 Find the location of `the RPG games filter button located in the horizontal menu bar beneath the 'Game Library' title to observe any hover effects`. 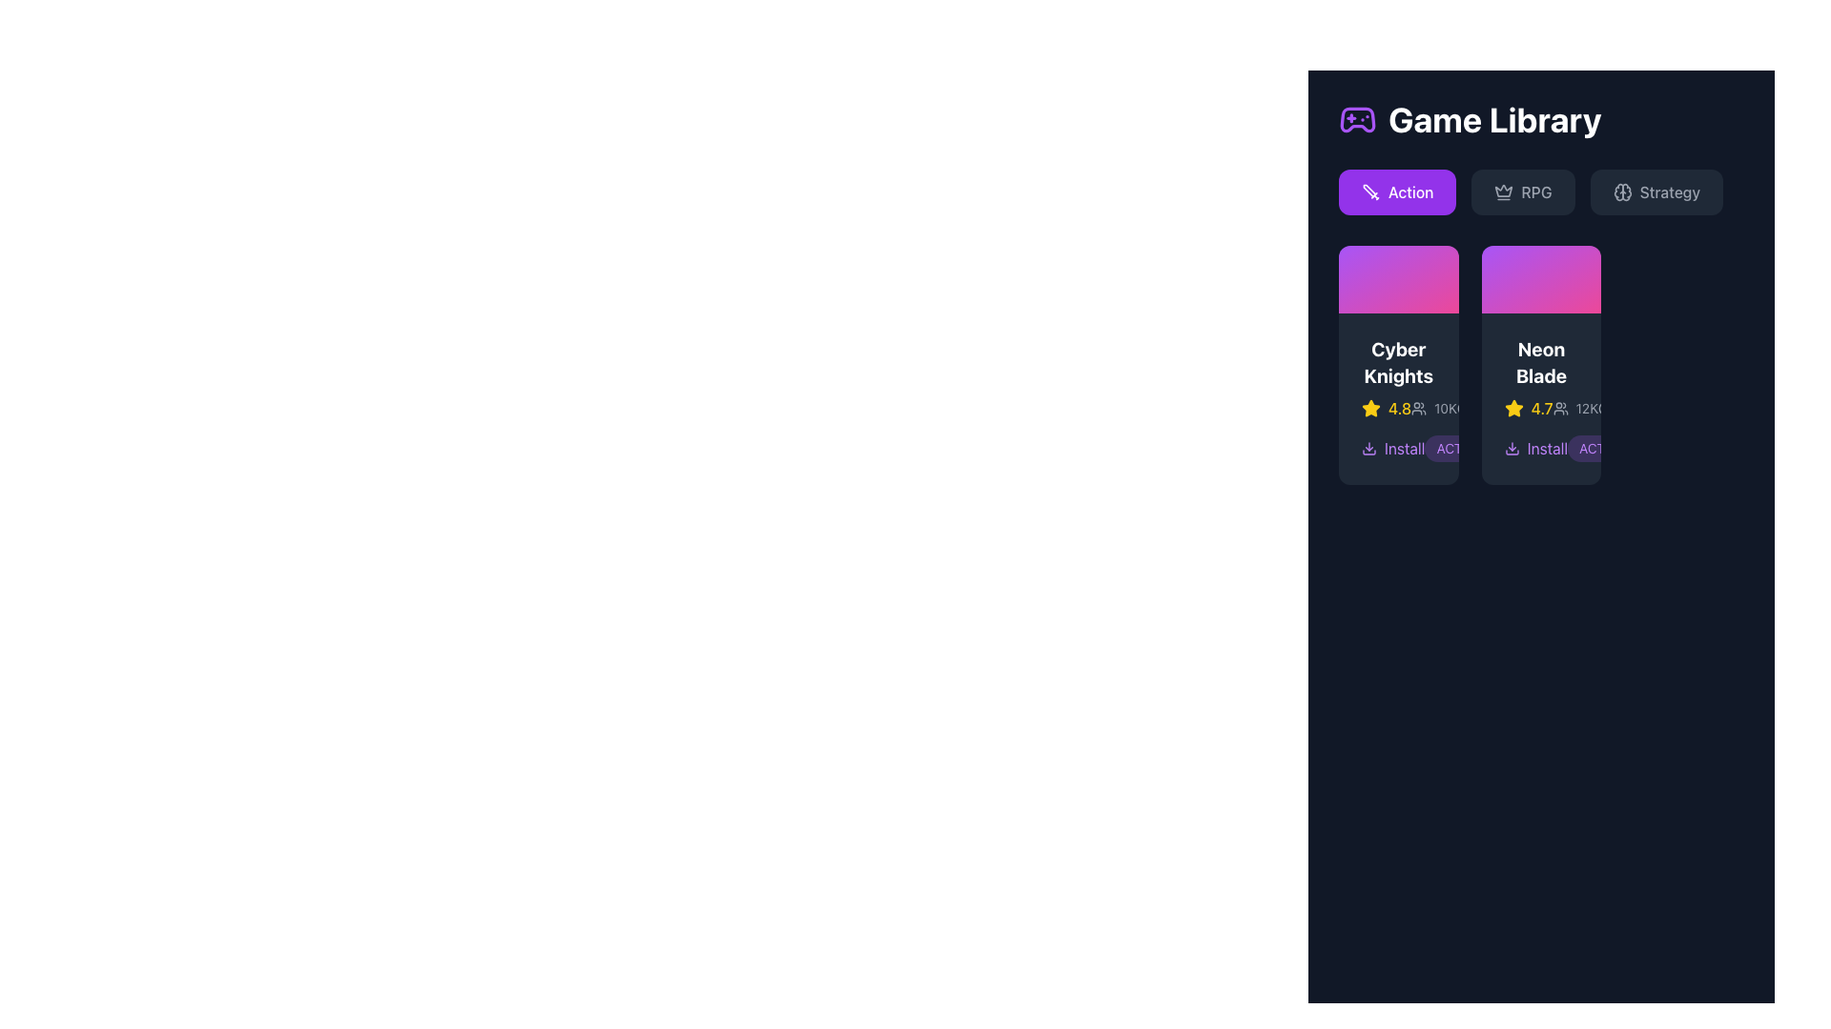

the RPG games filter button located in the horizontal menu bar beneath the 'Game Library' title to observe any hover effects is located at coordinates (1541, 192).